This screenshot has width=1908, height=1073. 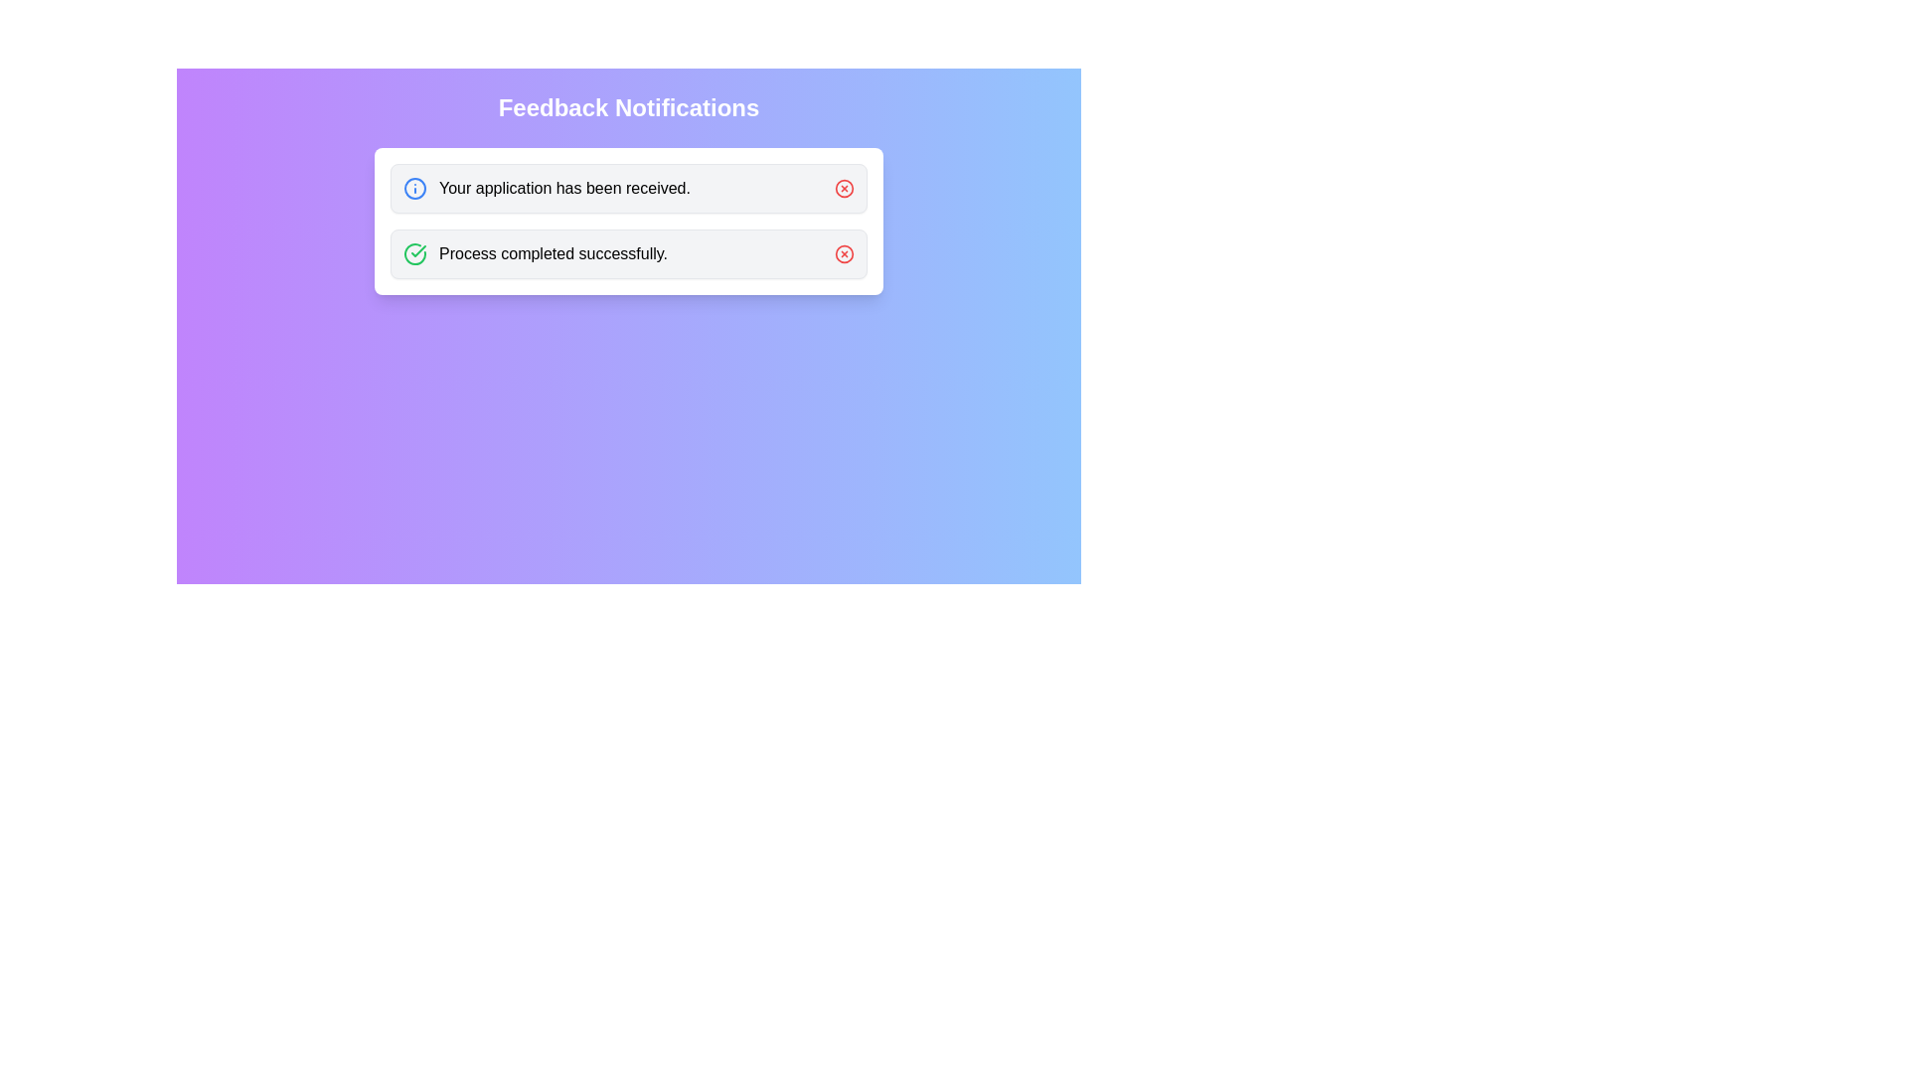 I want to click on the static informational text notifying the user of successful completion, located below the 'Your application has been received.' message and above the red interactive icon, so click(x=535, y=252).